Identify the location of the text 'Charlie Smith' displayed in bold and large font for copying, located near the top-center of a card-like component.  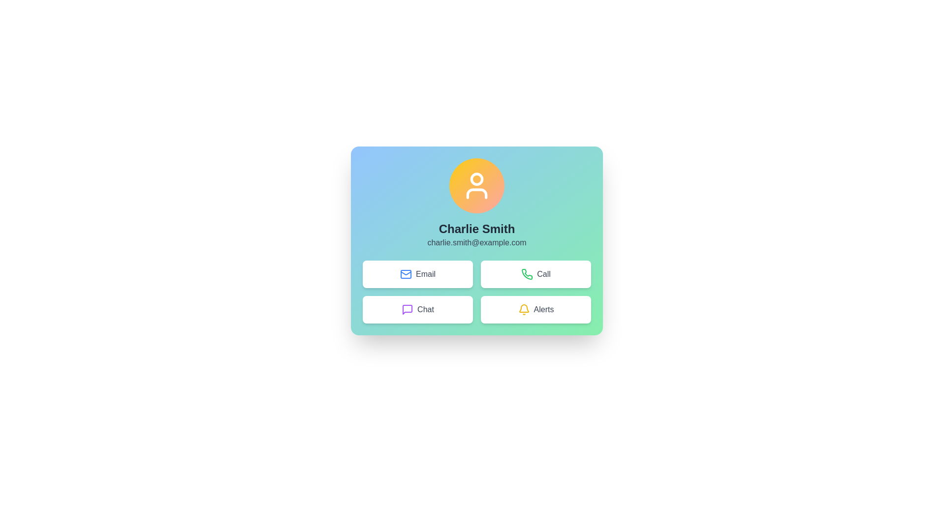
(477, 229).